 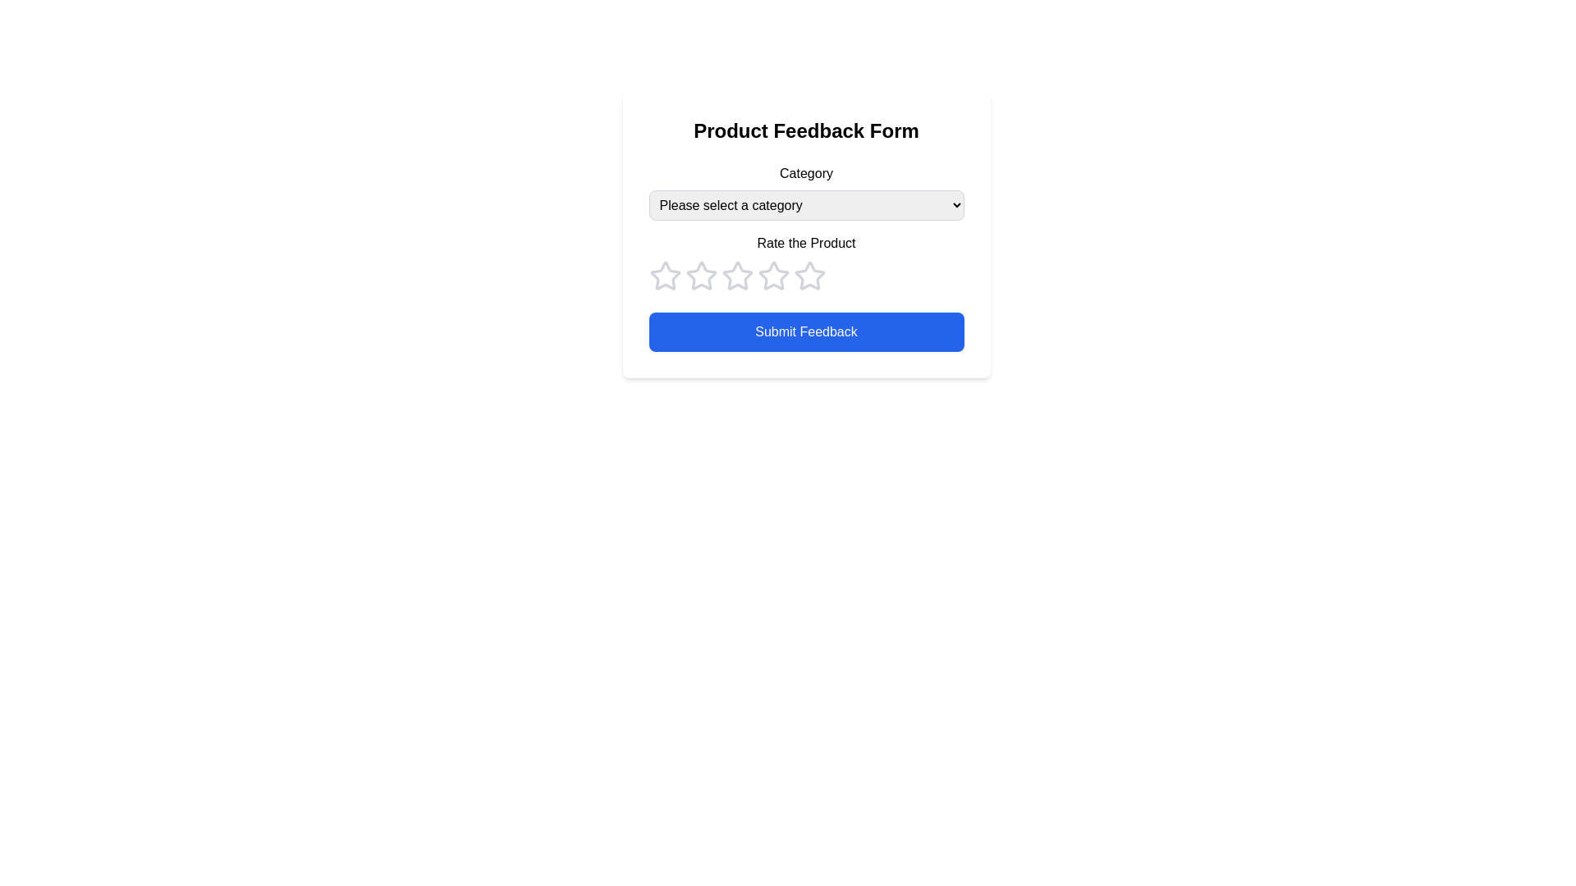 I want to click on the interactive rating stars located below the 'Category' dropdown, so click(x=806, y=262).